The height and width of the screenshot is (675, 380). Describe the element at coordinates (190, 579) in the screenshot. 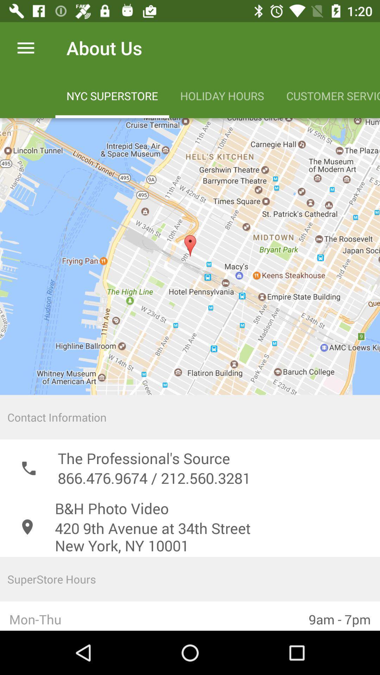

I see `superstore hours` at that location.